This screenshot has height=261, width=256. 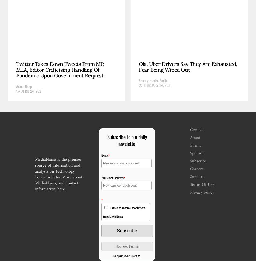 I want to click on 'Your email address:', so click(x=101, y=177).